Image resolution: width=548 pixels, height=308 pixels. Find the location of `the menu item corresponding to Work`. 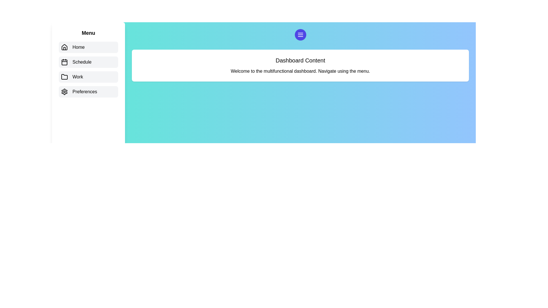

the menu item corresponding to Work is located at coordinates (88, 77).